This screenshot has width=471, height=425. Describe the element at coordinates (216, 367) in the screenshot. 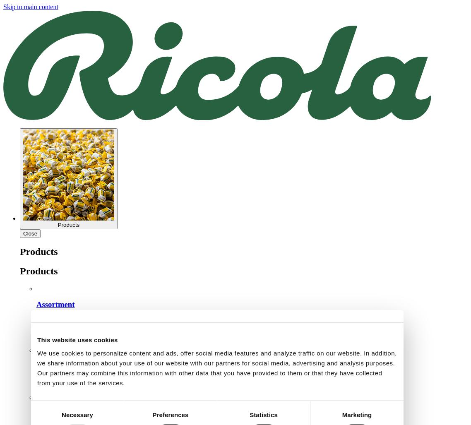

I see `'We use cookies to personalize content and ads, offer social media features and analyze traffic on our website. In addition, we share information about your use of our website with our partners for social media, advertising and analysis purposes. Our partners may combine this information with other data that you have provided to them or that they have collected from your use of the services.'` at that location.